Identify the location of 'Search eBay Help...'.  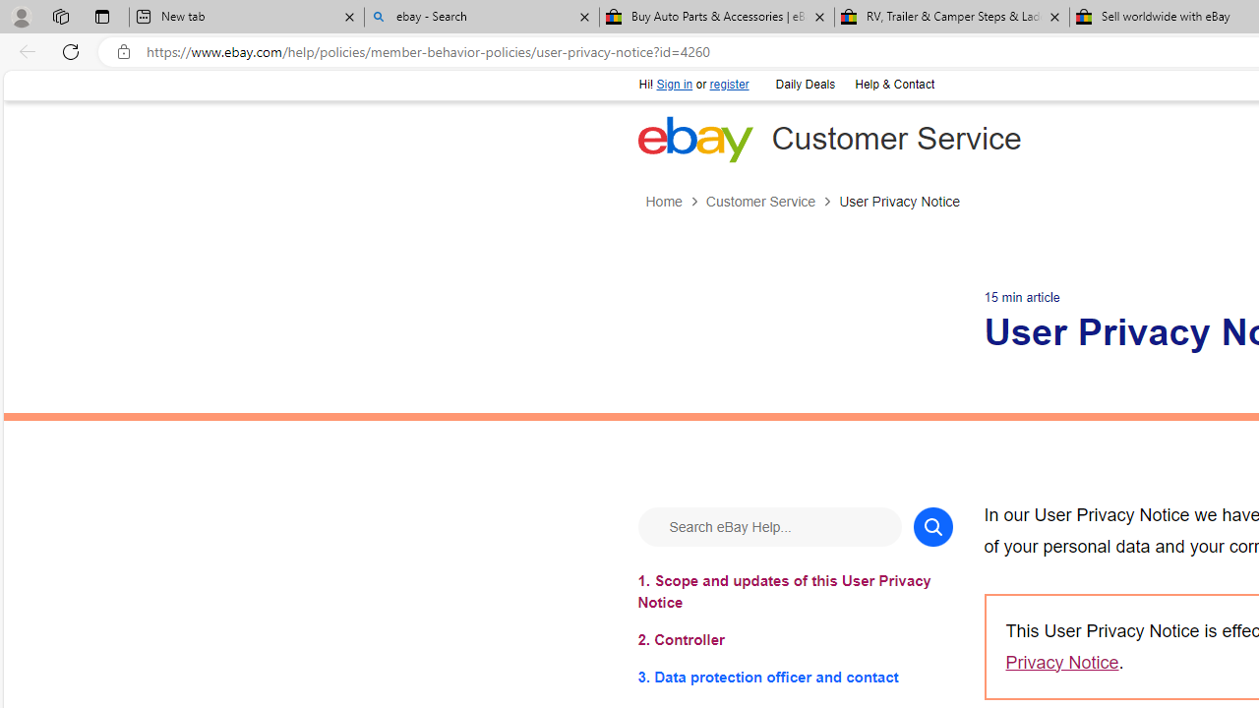
(768, 525).